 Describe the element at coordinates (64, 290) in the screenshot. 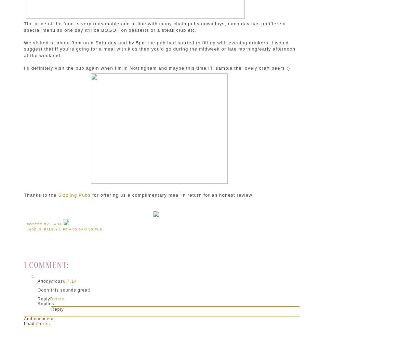

I see `'Oooh this sounds great!'` at that location.